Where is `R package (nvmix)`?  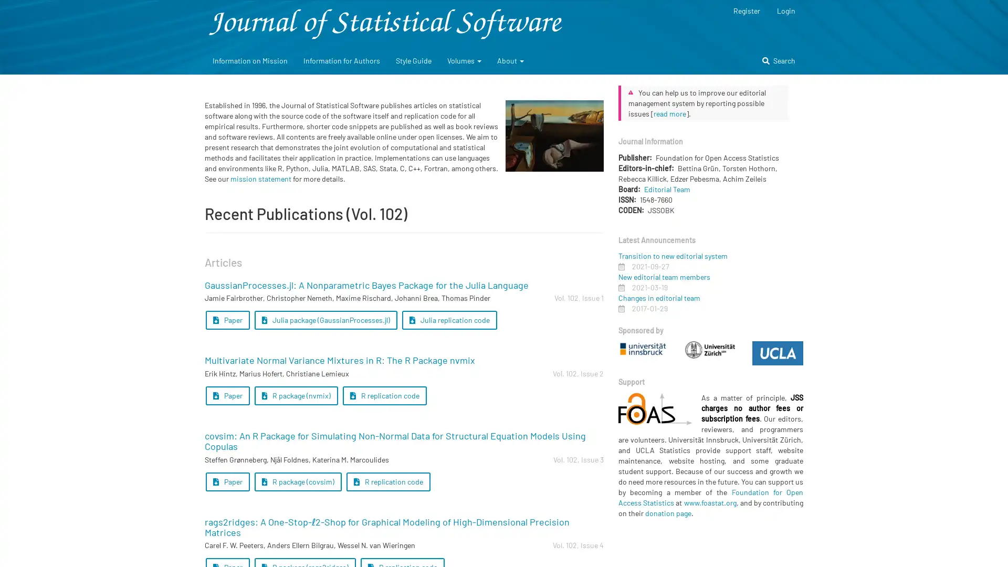
R package (nvmix) is located at coordinates (295, 395).